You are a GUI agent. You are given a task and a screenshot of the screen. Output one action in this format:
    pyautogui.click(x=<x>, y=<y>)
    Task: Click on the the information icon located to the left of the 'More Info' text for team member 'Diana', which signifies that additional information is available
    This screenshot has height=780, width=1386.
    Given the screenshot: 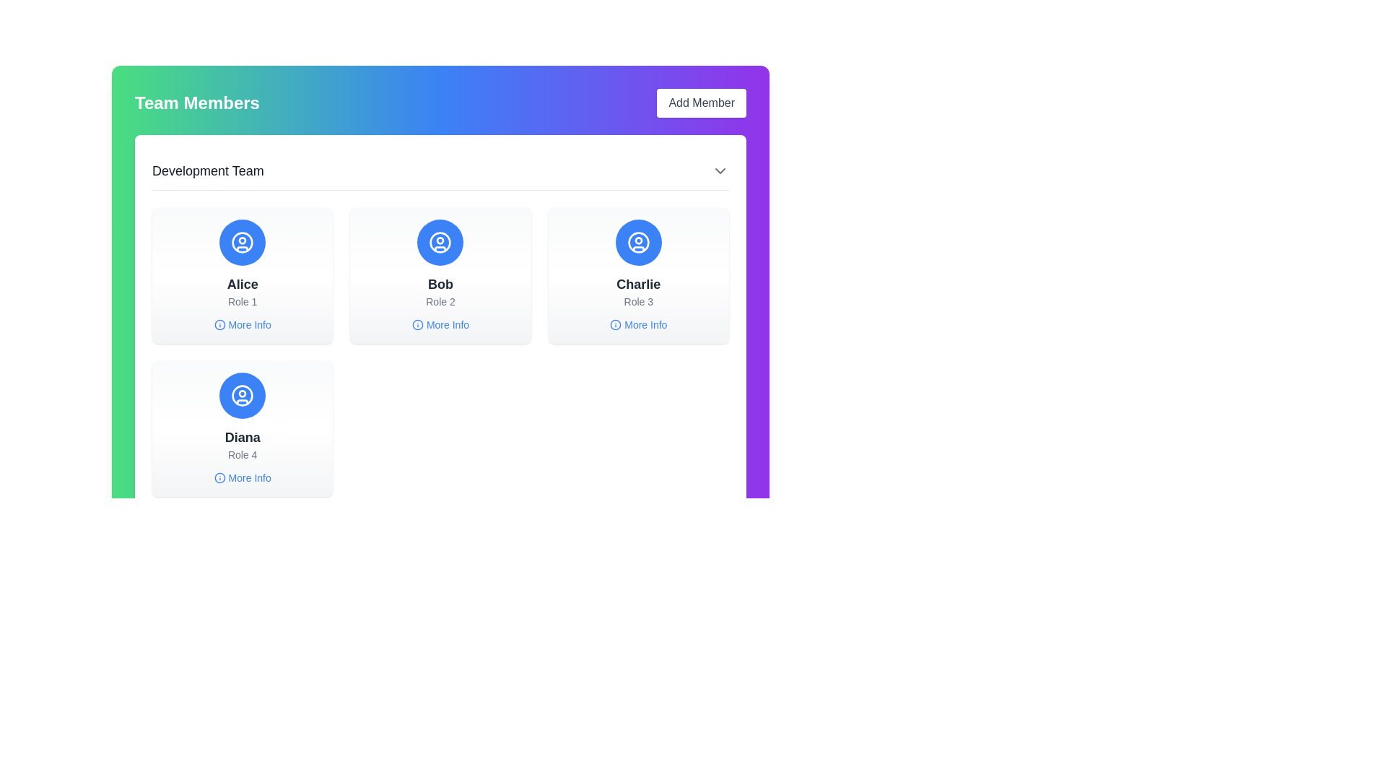 What is the action you would take?
    pyautogui.click(x=219, y=478)
    